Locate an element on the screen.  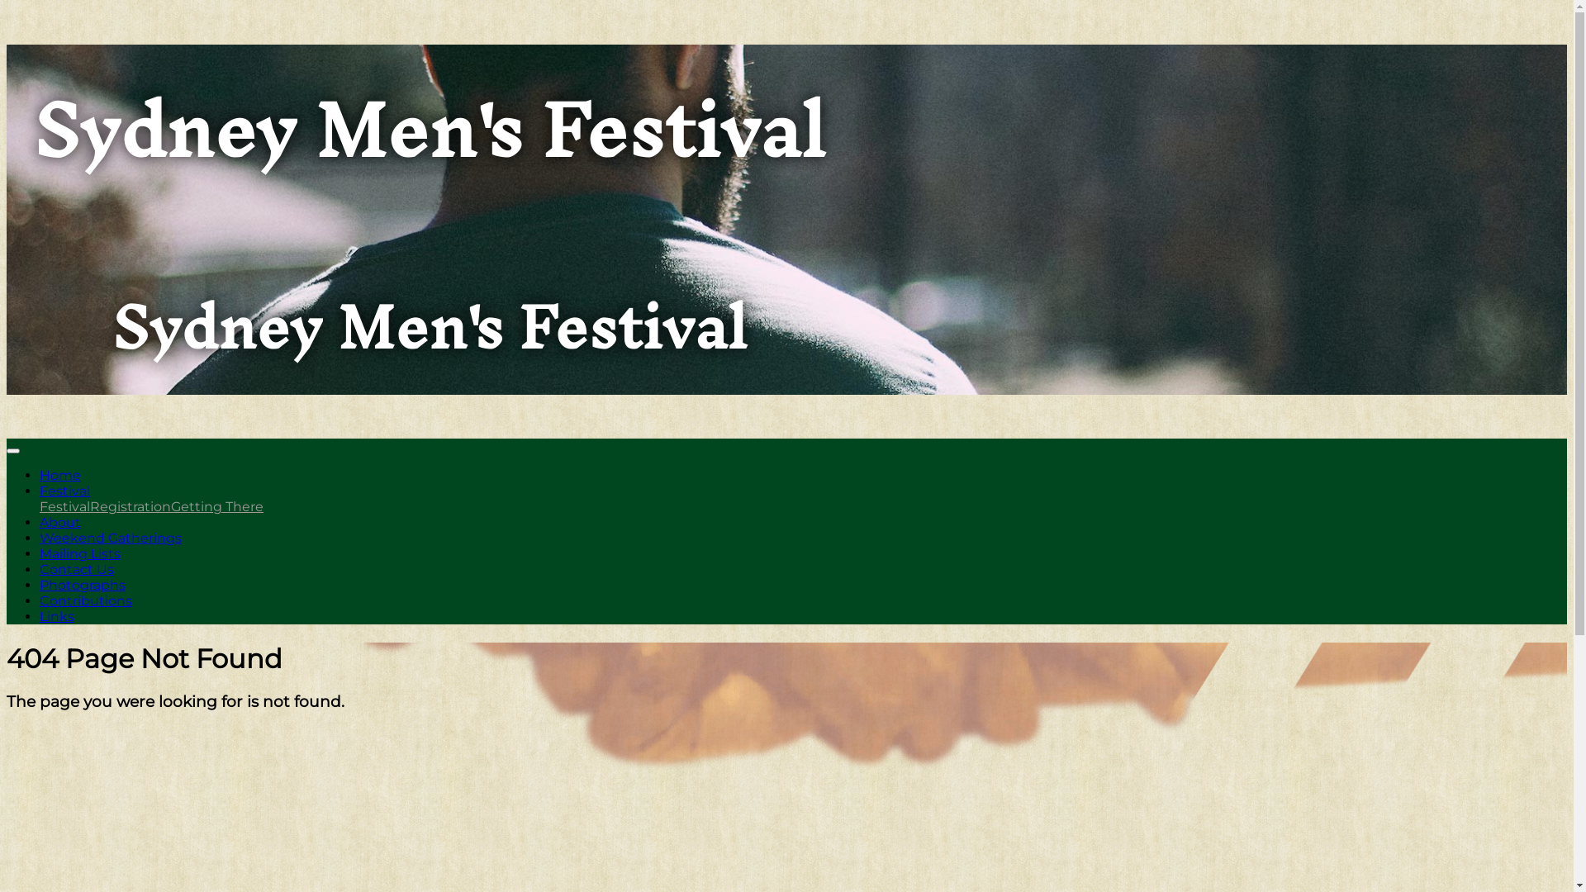
'Home' is located at coordinates (59, 475).